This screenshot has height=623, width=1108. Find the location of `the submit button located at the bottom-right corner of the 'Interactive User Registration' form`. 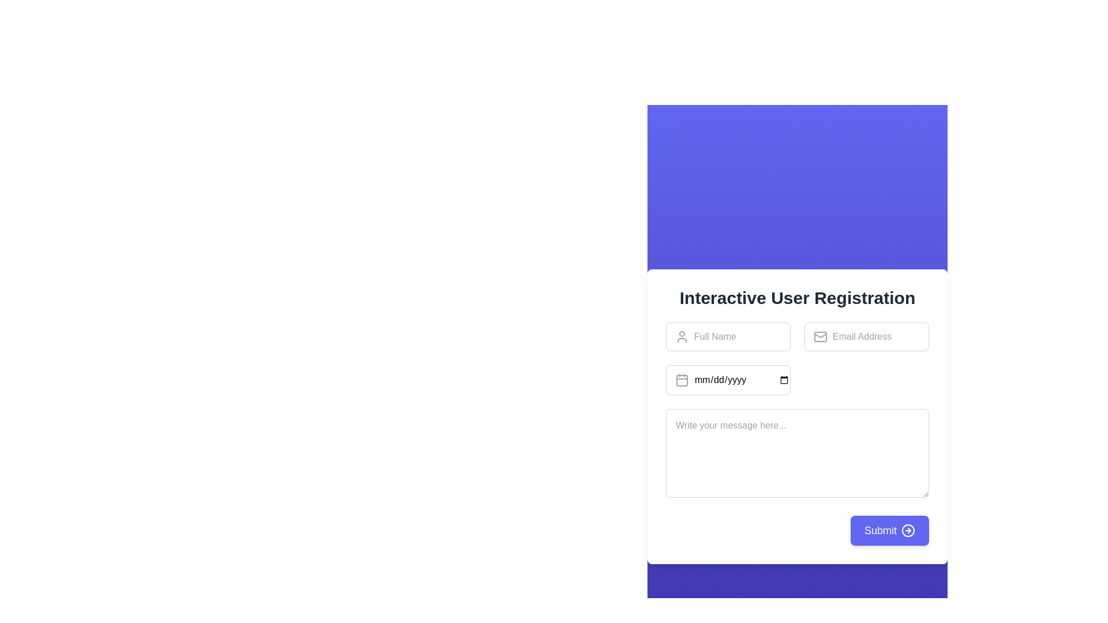

the submit button located at the bottom-right corner of the 'Interactive User Registration' form is located at coordinates (889, 530).